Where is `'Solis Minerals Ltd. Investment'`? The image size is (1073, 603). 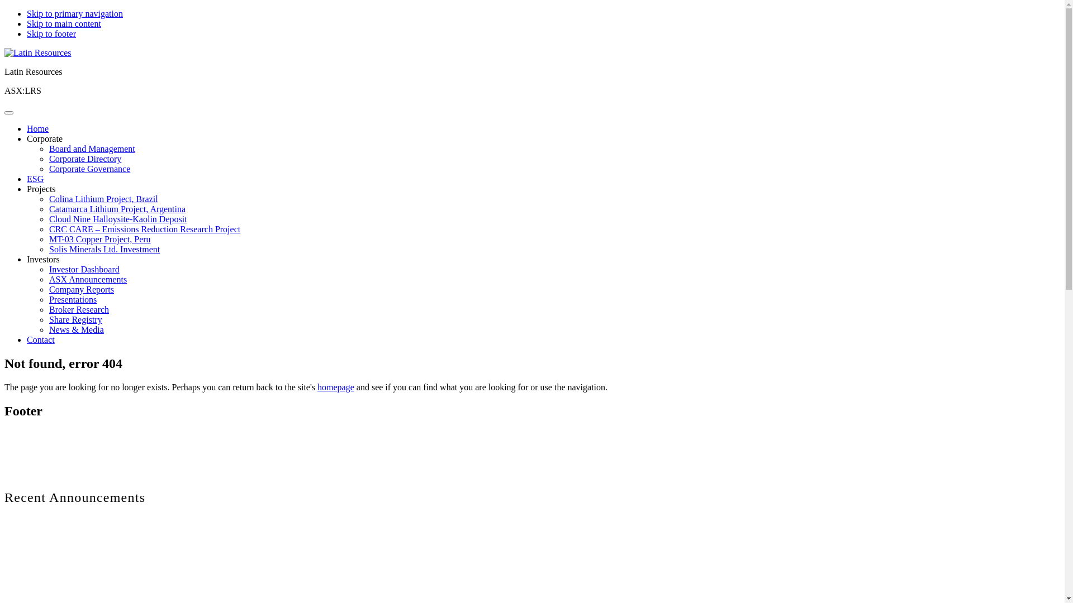 'Solis Minerals Ltd. Investment' is located at coordinates (105, 248).